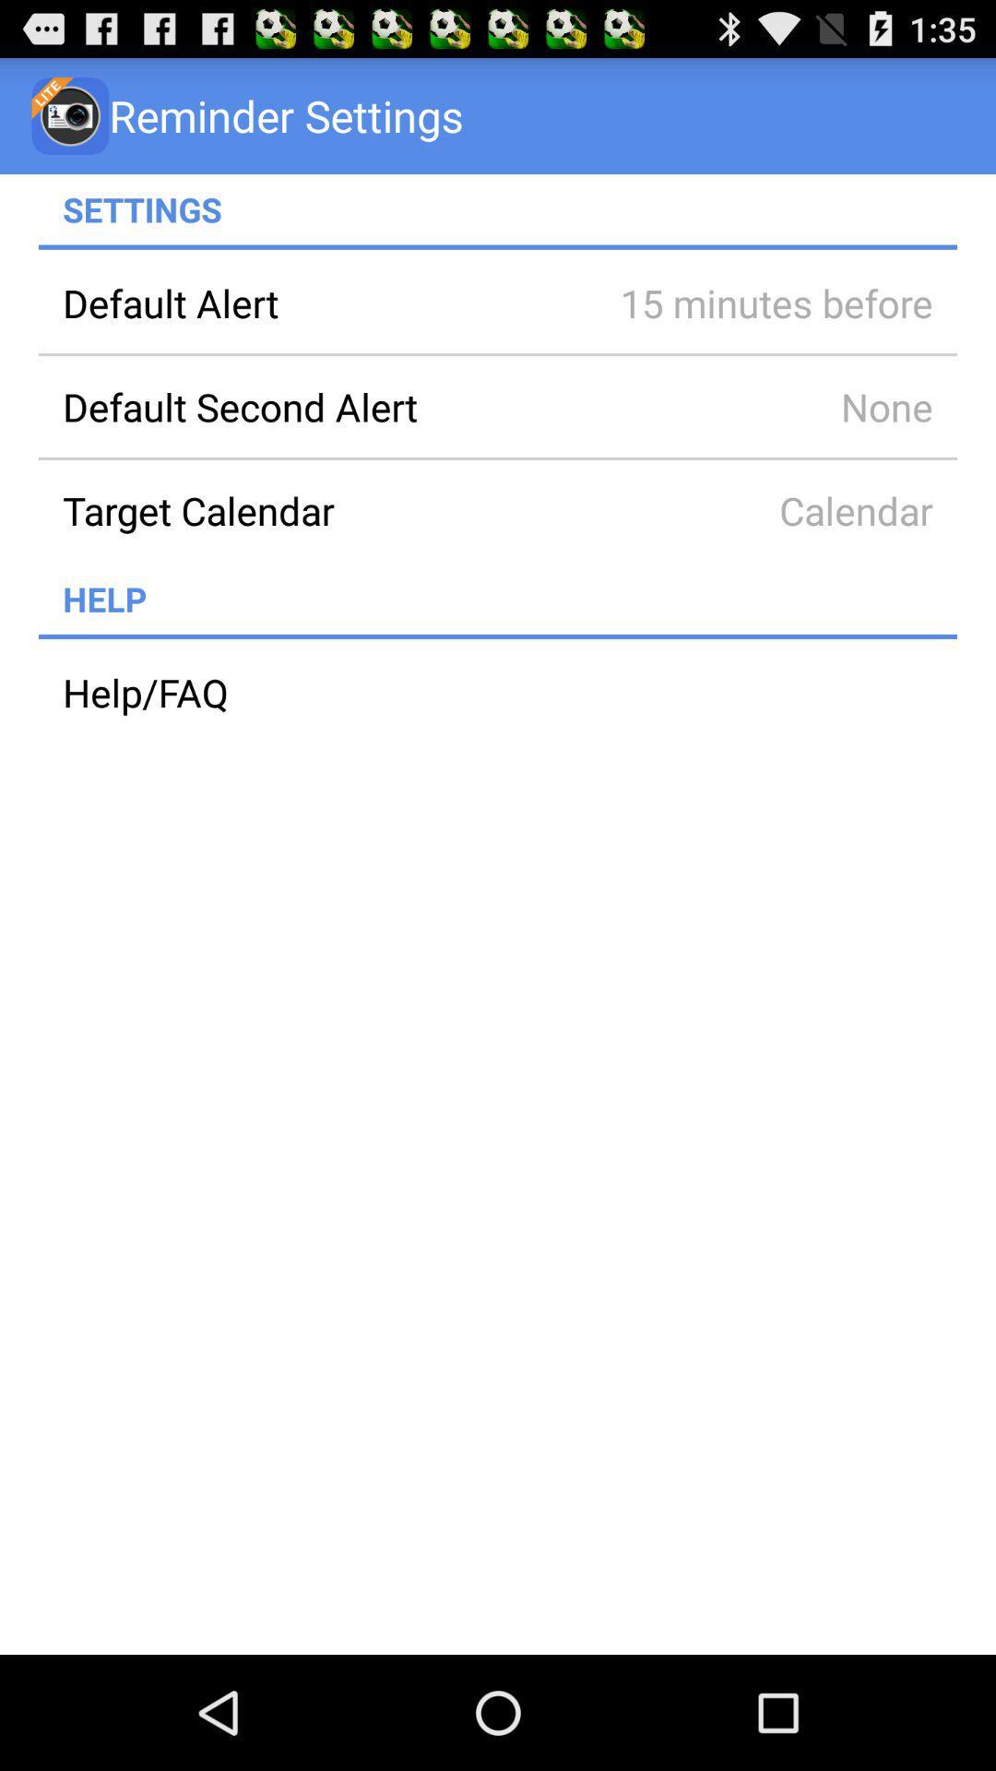 This screenshot has height=1771, width=996. I want to click on target calendar item, so click(315, 510).